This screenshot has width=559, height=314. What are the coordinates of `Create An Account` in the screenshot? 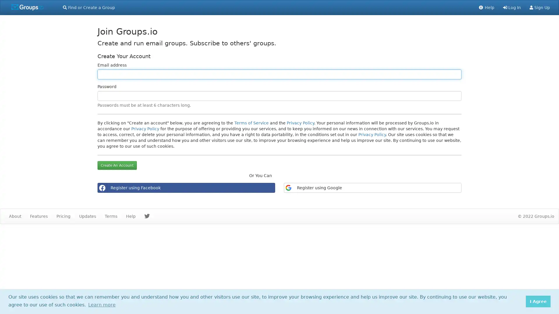 It's located at (116, 165).